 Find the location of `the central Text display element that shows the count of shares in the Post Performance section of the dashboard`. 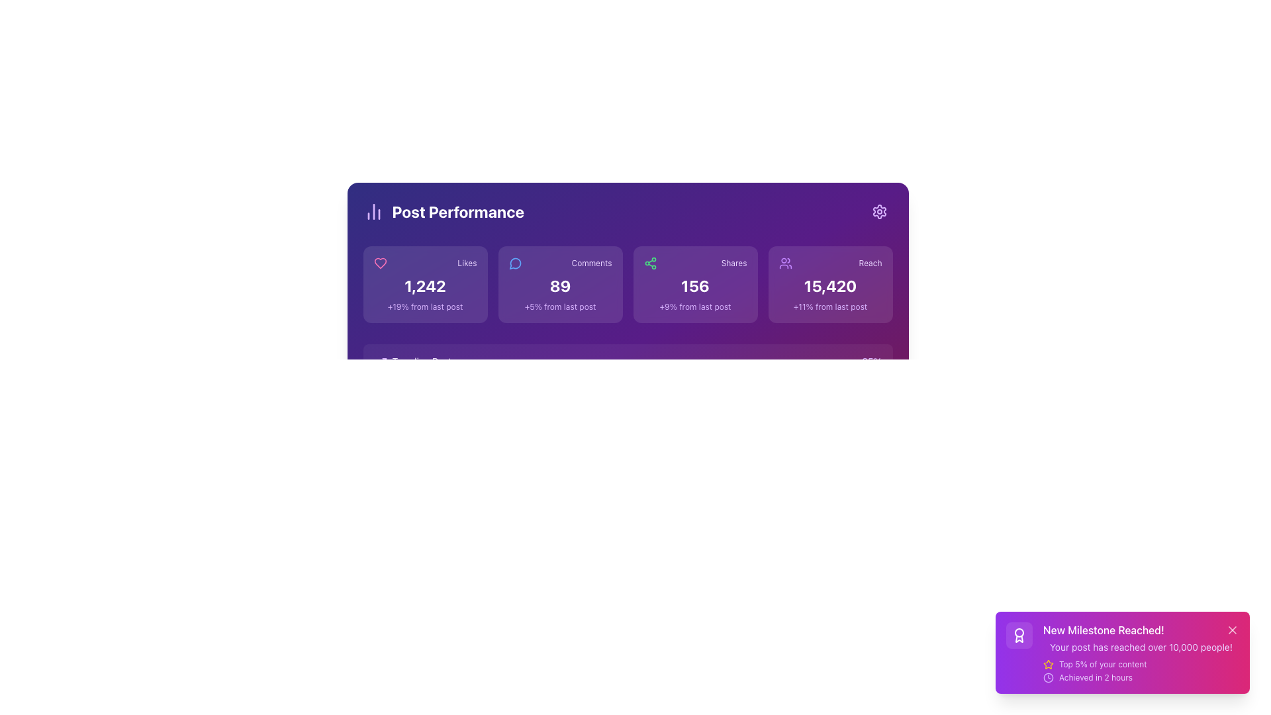

the central Text display element that shows the count of shares in the Post Performance section of the dashboard is located at coordinates (694, 285).